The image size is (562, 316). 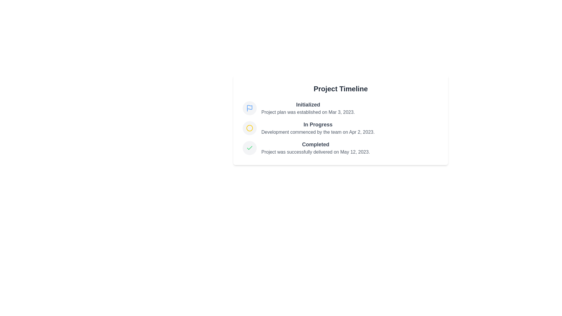 What do you see at coordinates (250, 128) in the screenshot?
I see `the appearance of the SVG circle component representing an 'in-progress' state, located in the middle row of a checklist, second position among the status icons` at bounding box center [250, 128].